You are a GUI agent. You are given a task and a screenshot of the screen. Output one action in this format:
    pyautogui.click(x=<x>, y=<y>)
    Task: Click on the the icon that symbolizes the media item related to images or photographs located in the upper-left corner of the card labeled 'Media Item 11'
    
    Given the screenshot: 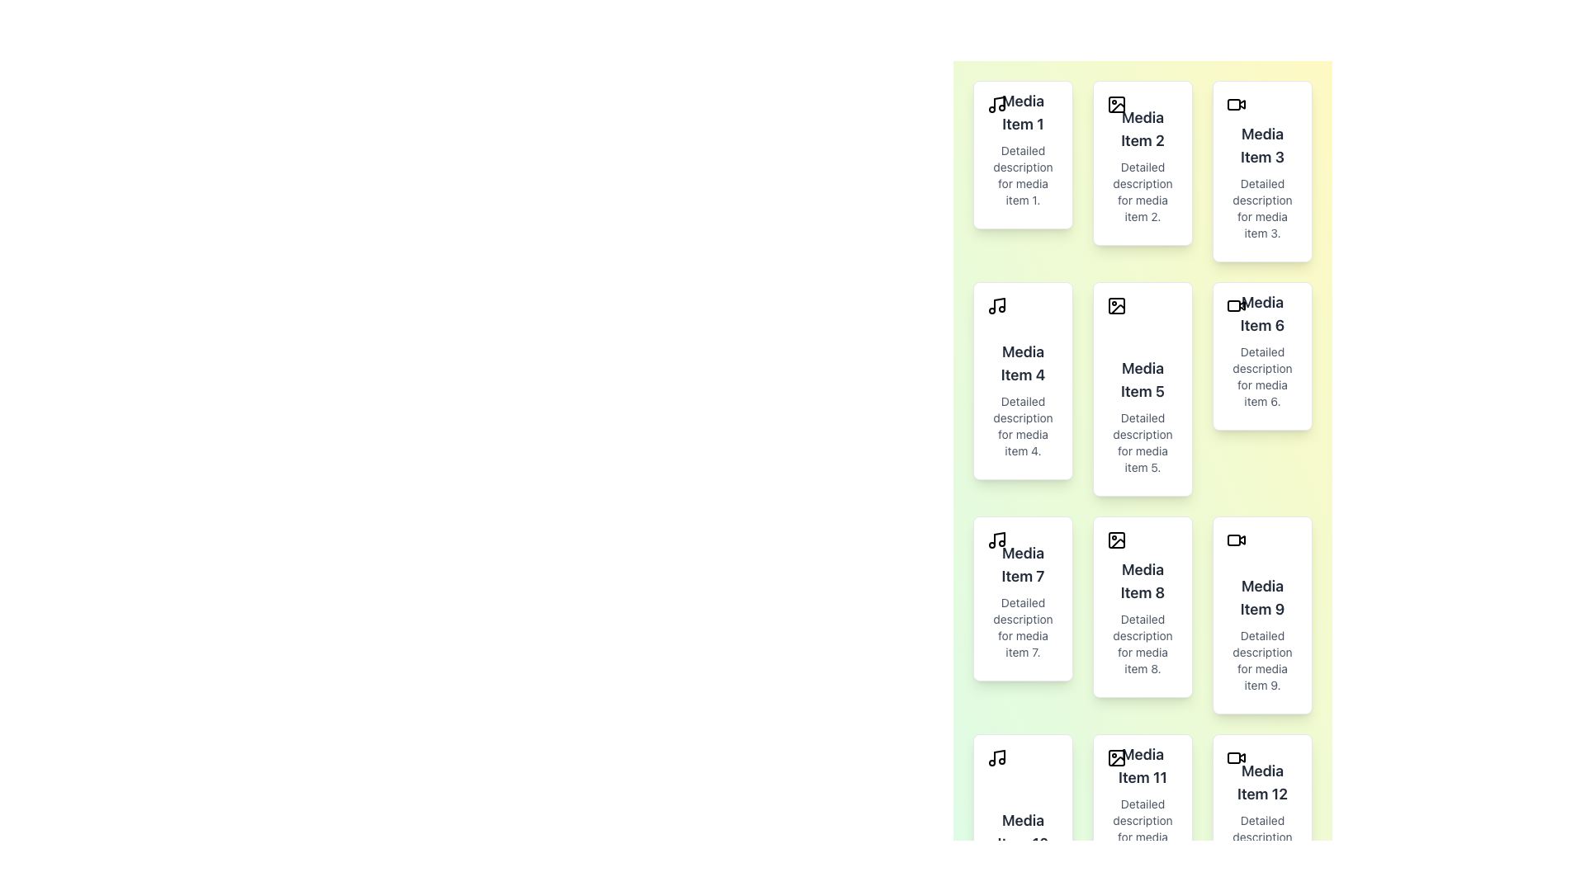 What is the action you would take?
    pyautogui.click(x=1117, y=757)
    